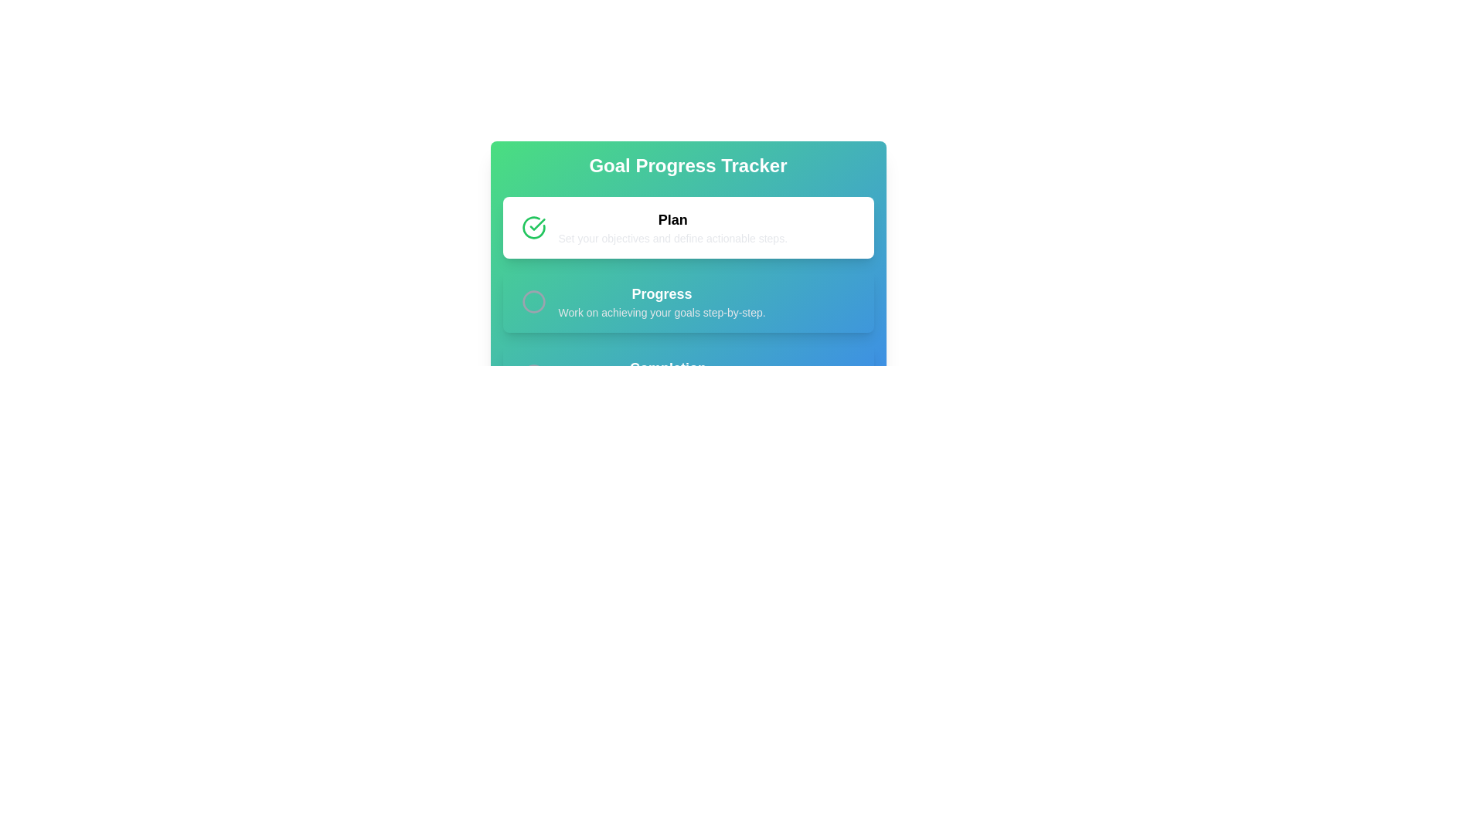 The height and width of the screenshot is (834, 1484). Describe the element at coordinates (662, 301) in the screenshot. I see `the Descriptive Text element that displays the heading 'Progress' and the subtext 'Work on achieving your goals step-by-step.'` at that location.